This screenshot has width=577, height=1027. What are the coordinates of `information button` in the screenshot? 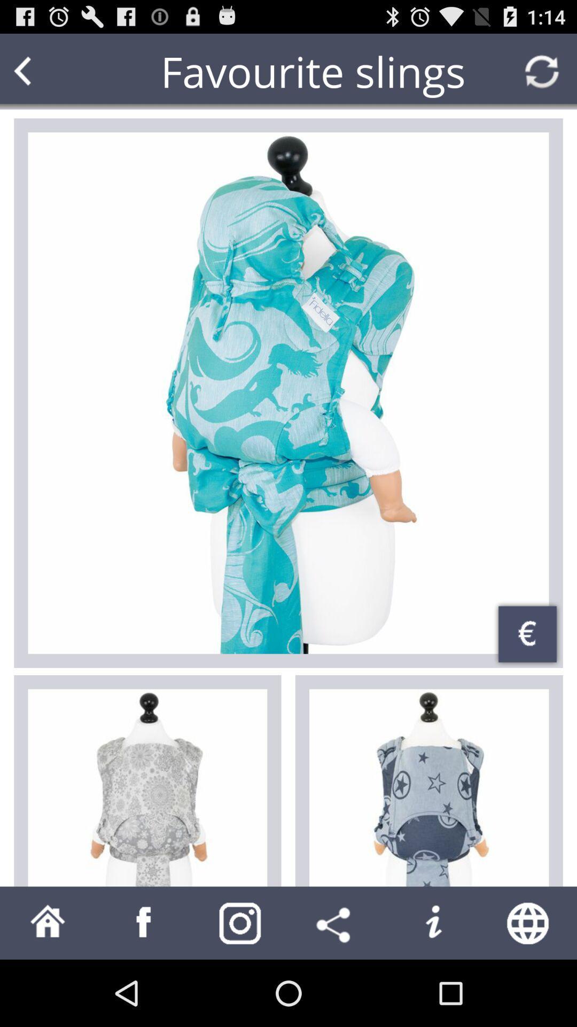 It's located at (433, 922).